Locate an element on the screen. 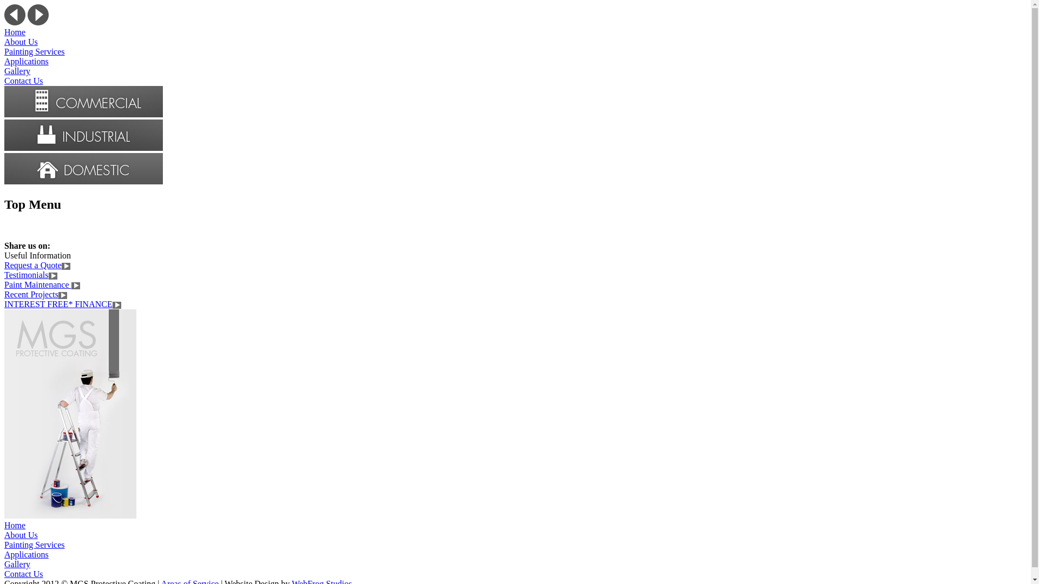  'Home' is located at coordinates (15, 31).